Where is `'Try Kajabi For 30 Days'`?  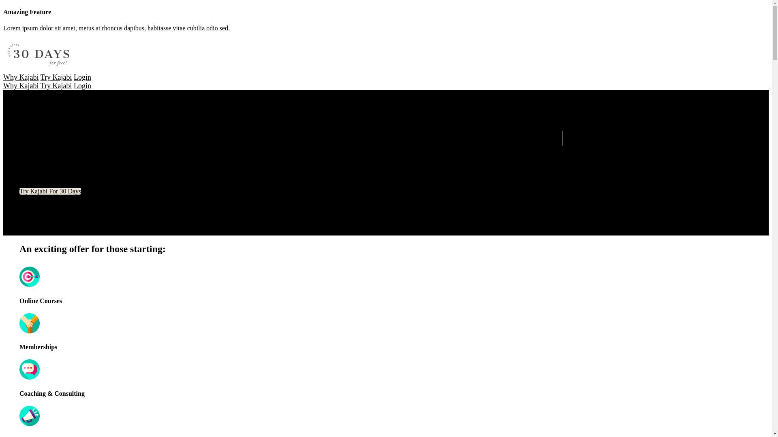
'Try Kajabi For 30 Days' is located at coordinates (50, 191).